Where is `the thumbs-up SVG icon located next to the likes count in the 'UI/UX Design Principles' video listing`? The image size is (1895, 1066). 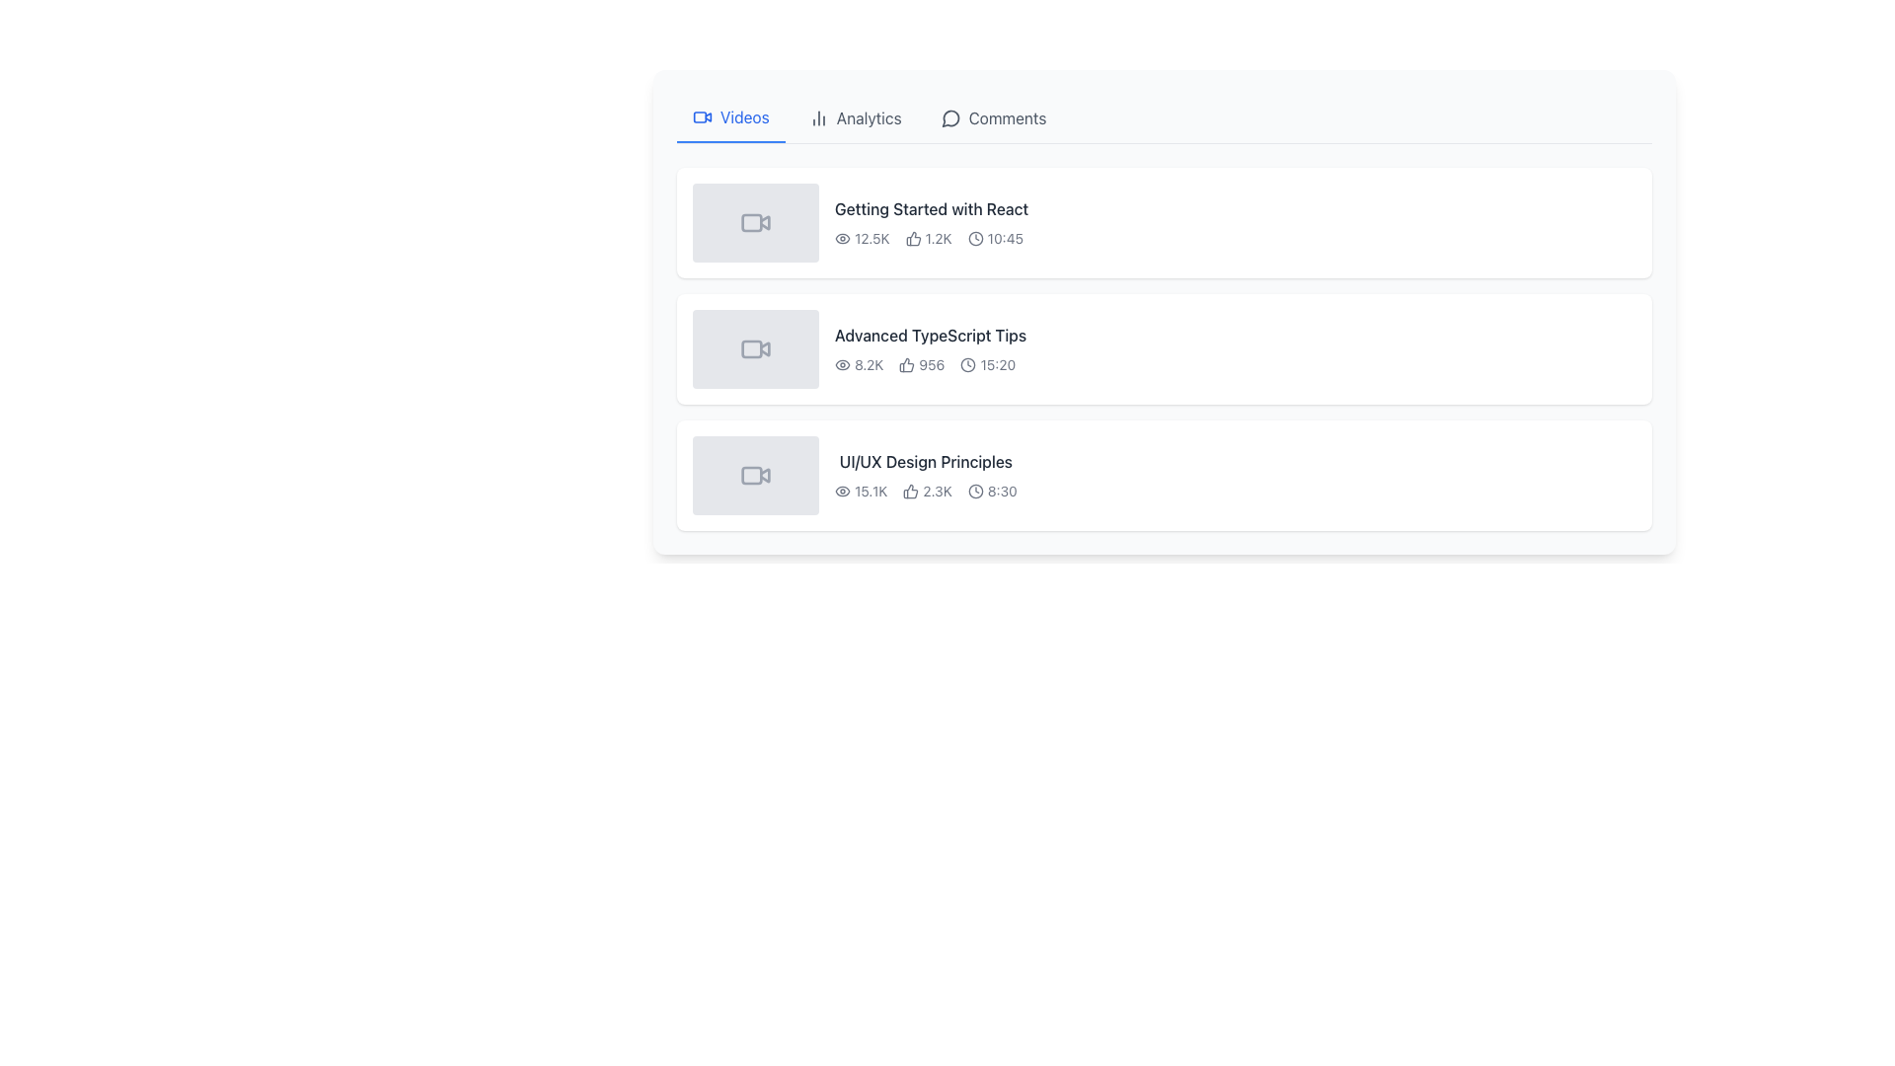
the thumbs-up SVG icon located next to the likes count in the 'UI/UX Design Principles' video listing is located at coordinates (910, 490).